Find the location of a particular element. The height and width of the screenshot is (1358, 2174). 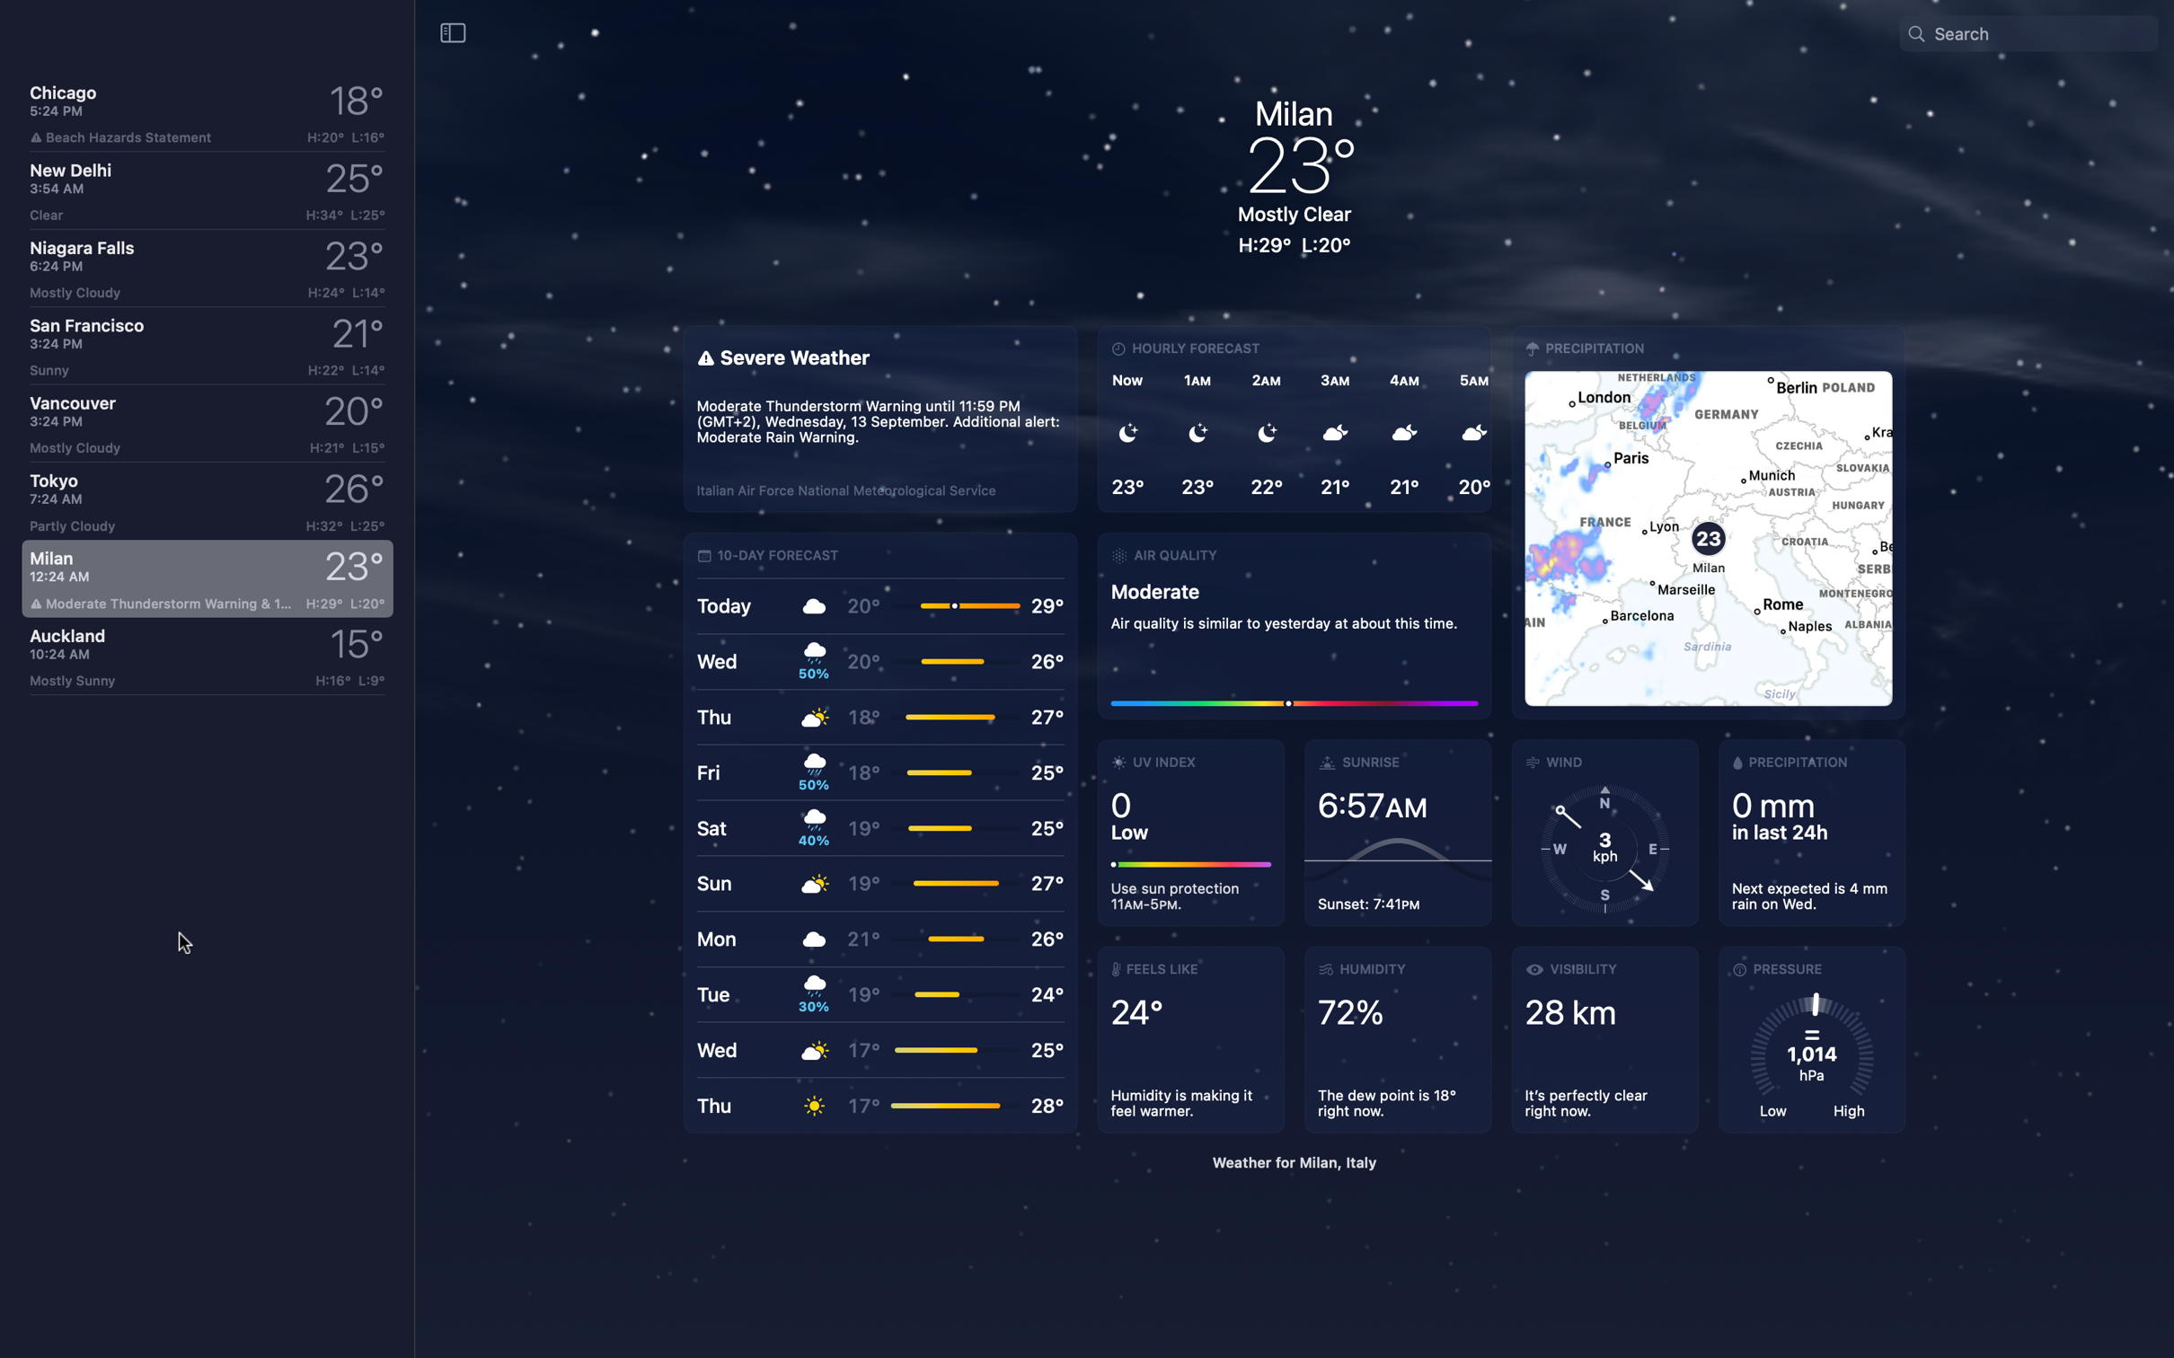

Hide temperatures of all other cities is located at coordinates (453, 31).